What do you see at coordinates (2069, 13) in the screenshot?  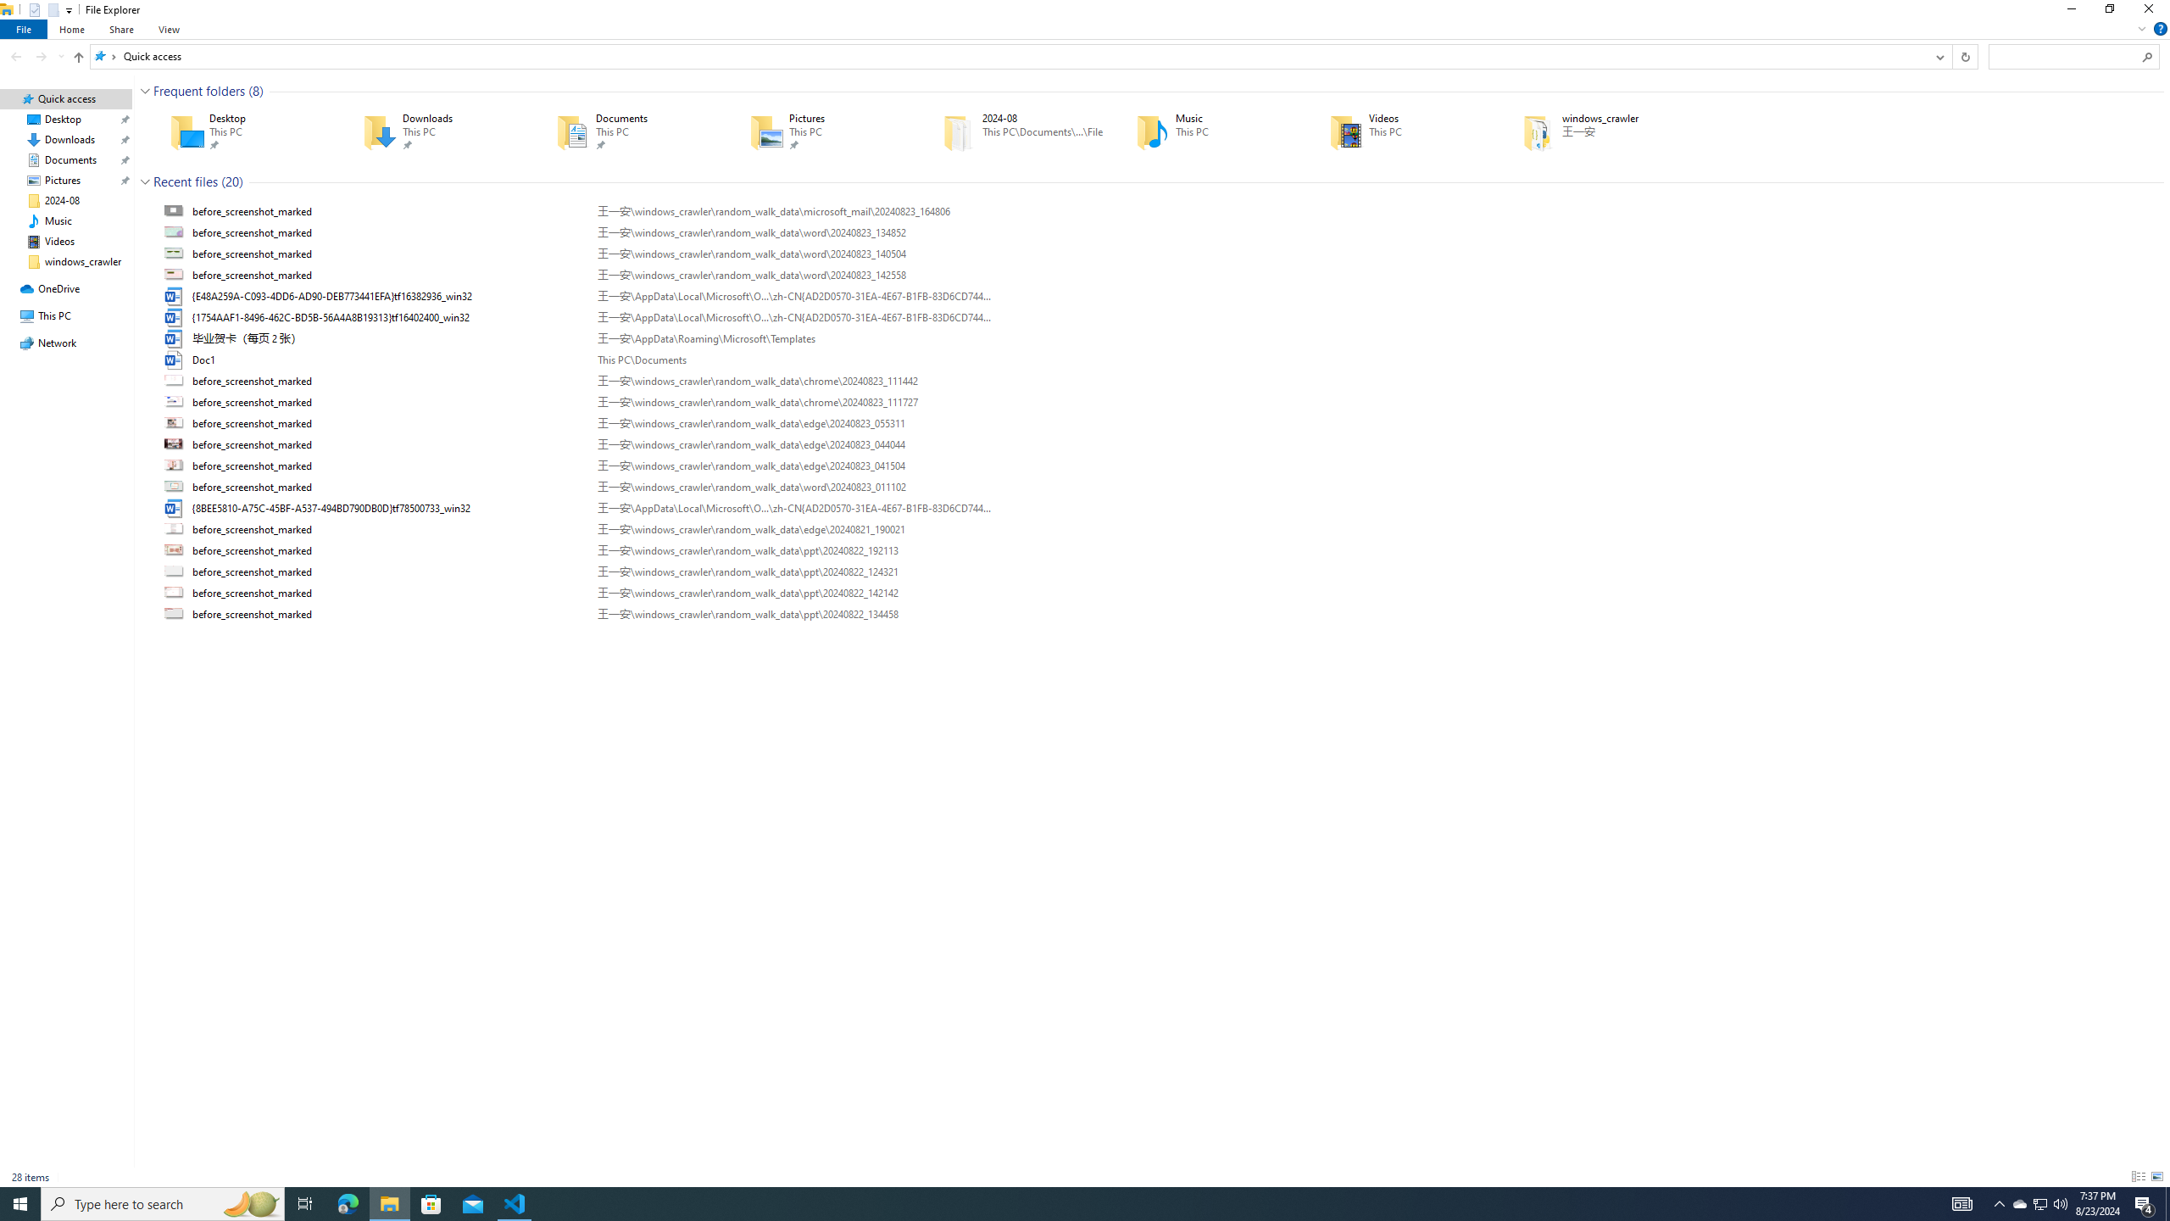 I see `'Minimize'` at bounding box center [2069, 13].